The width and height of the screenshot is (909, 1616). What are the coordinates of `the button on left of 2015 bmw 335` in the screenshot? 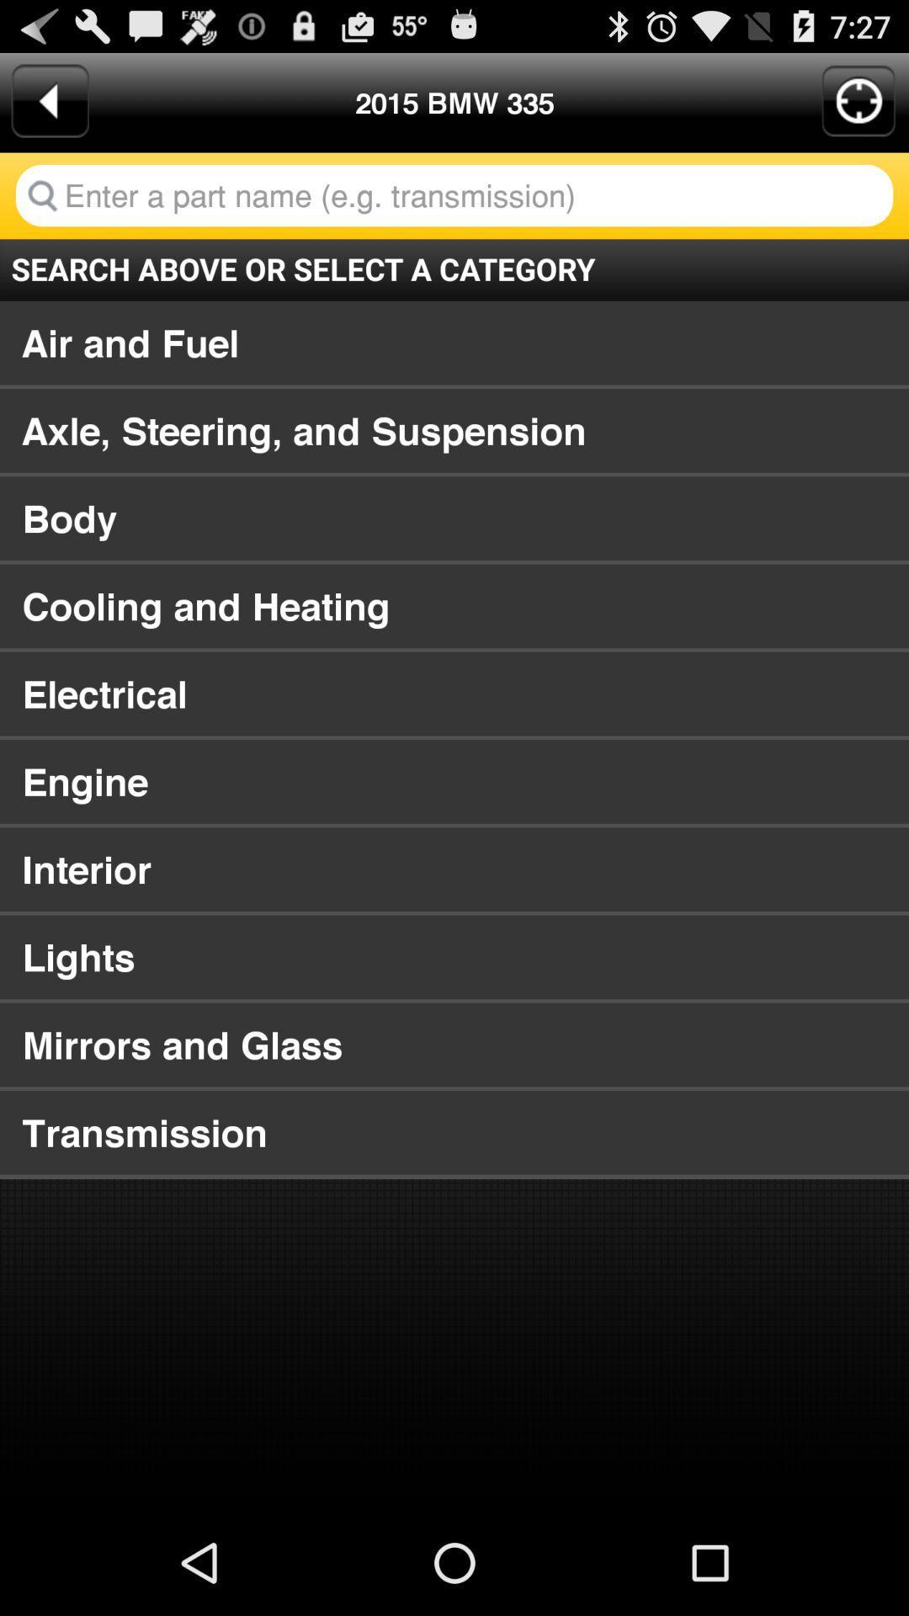 It's located at (50, 100).